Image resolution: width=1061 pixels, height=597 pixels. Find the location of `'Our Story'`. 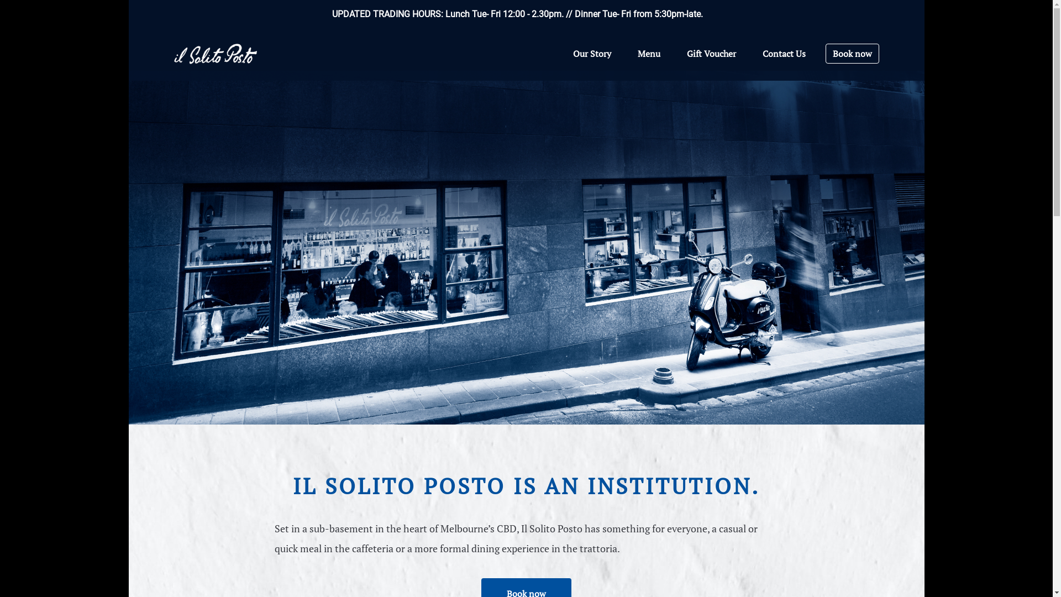

'Our Story' is located at coordinates (591, 53).